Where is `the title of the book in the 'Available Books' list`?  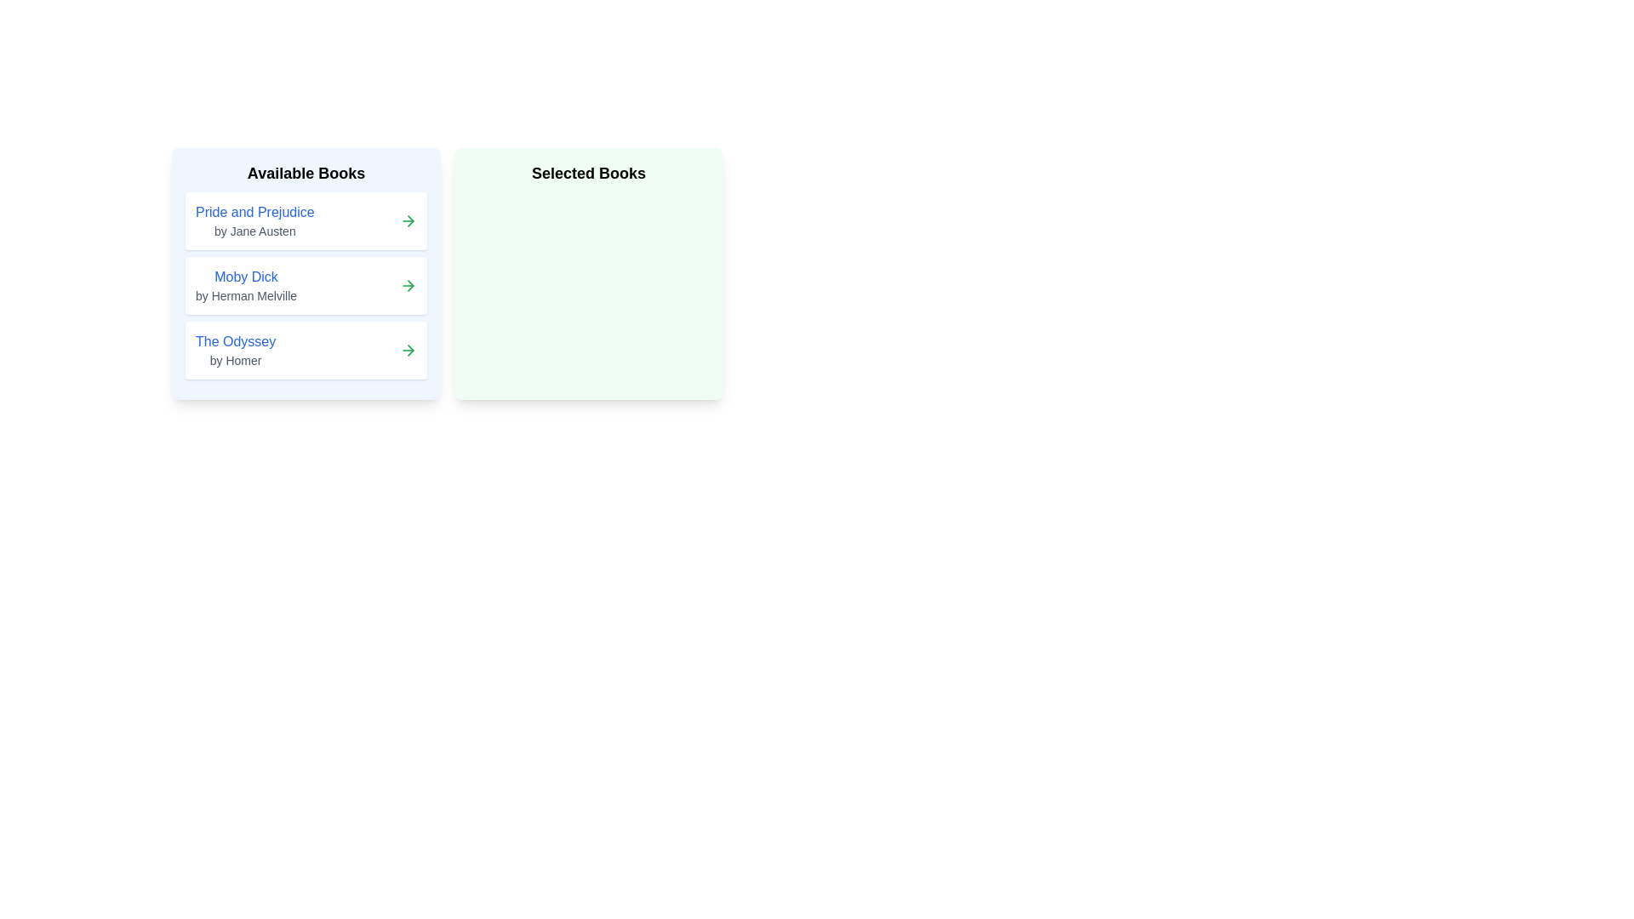 the title of the book in the 'Available Books' list is located at coordinates (254, 212).